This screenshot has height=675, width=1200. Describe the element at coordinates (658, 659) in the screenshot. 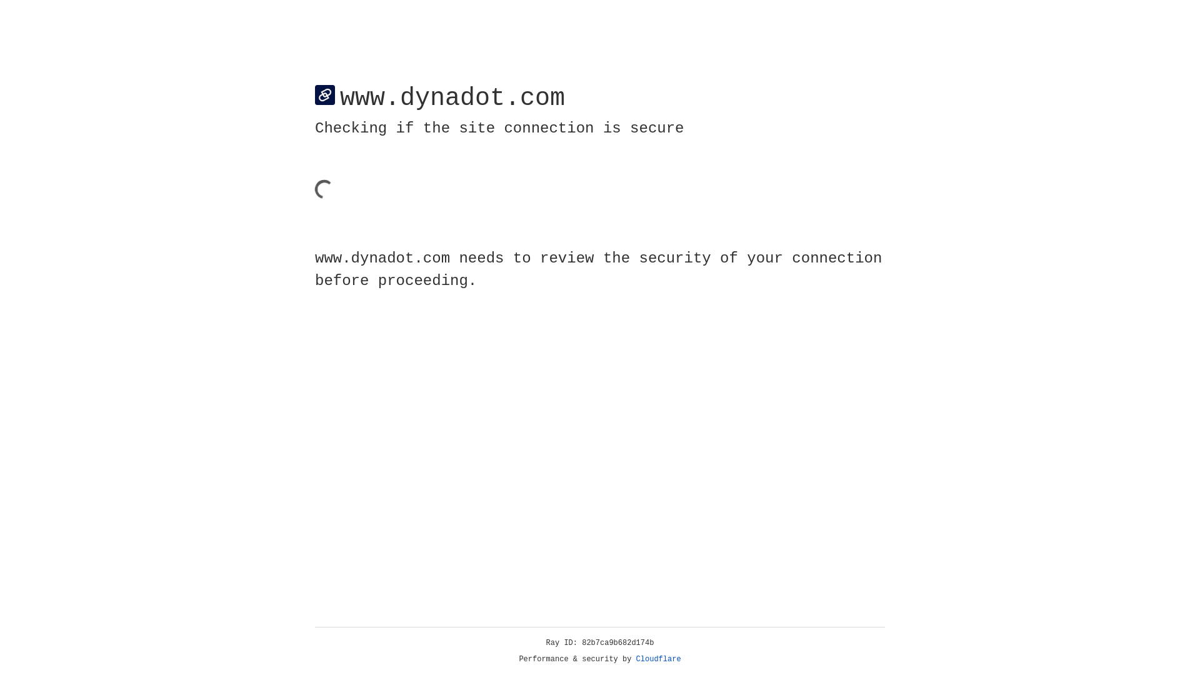

I see `'Cloudflare'` at that location.